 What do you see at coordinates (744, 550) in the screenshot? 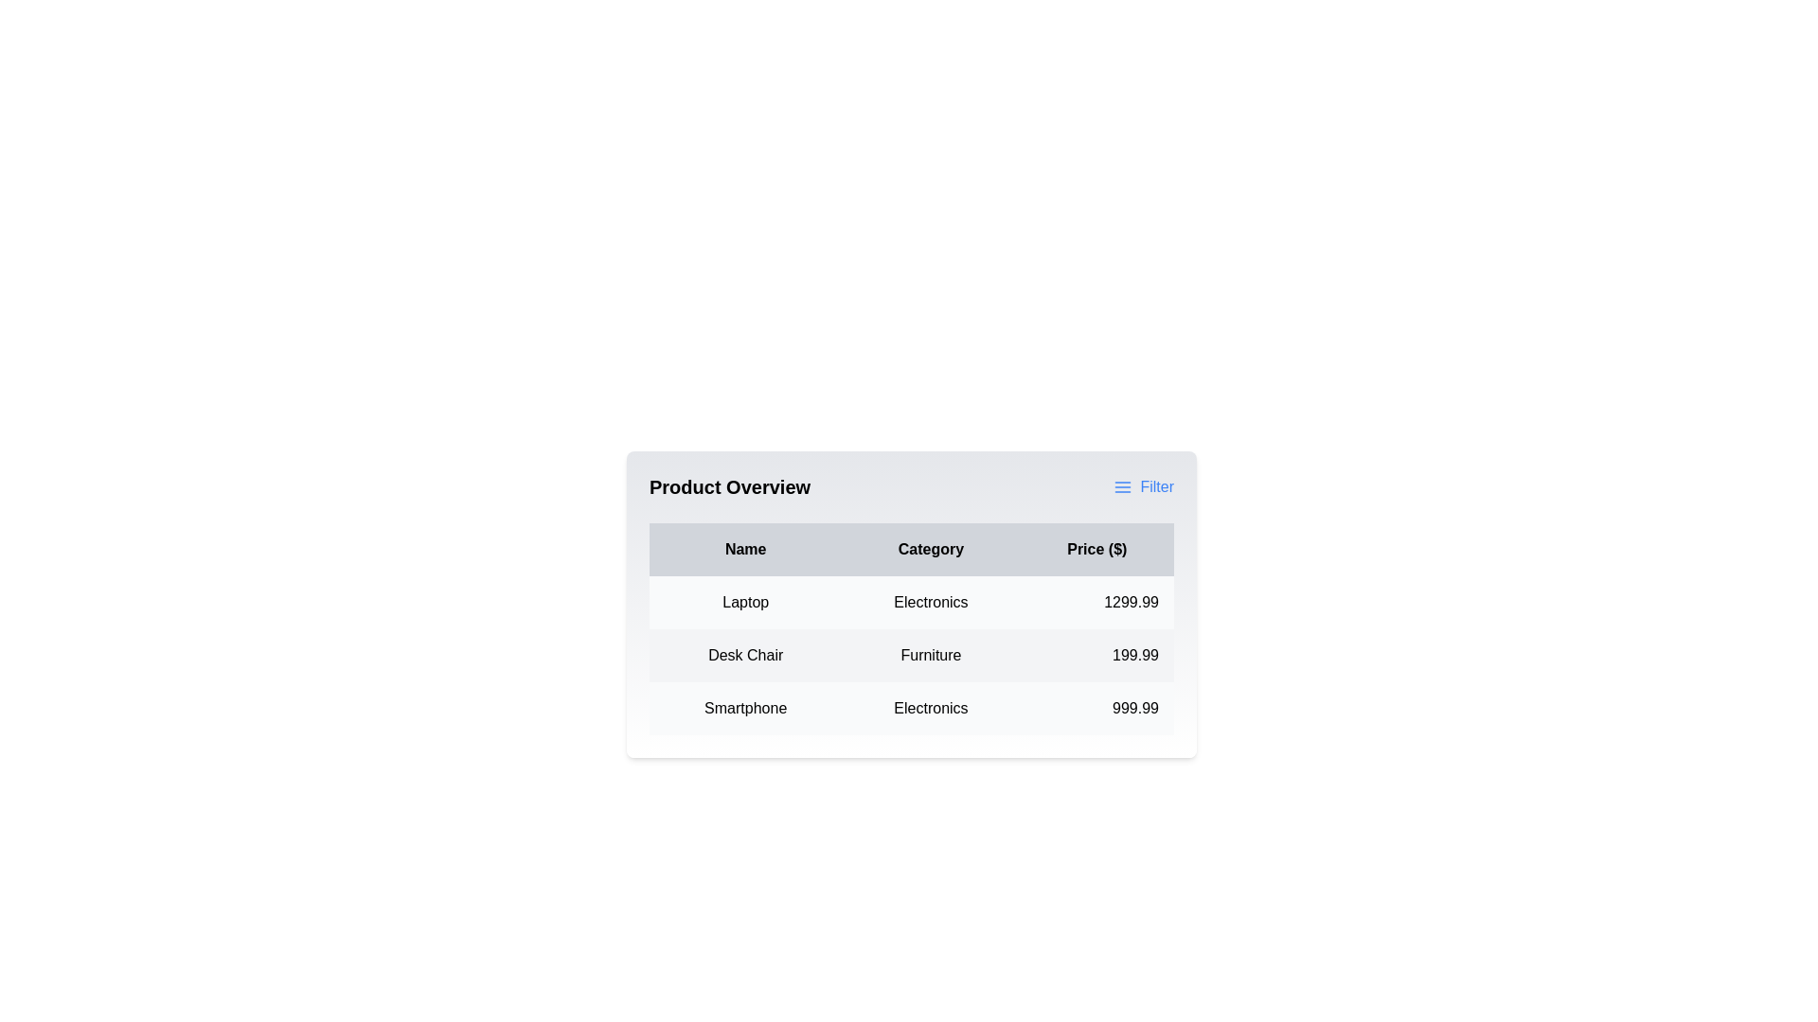
I see `the 'Name' table header cell, which is the first column header in a three-column table` at bounding box center [744, 550].